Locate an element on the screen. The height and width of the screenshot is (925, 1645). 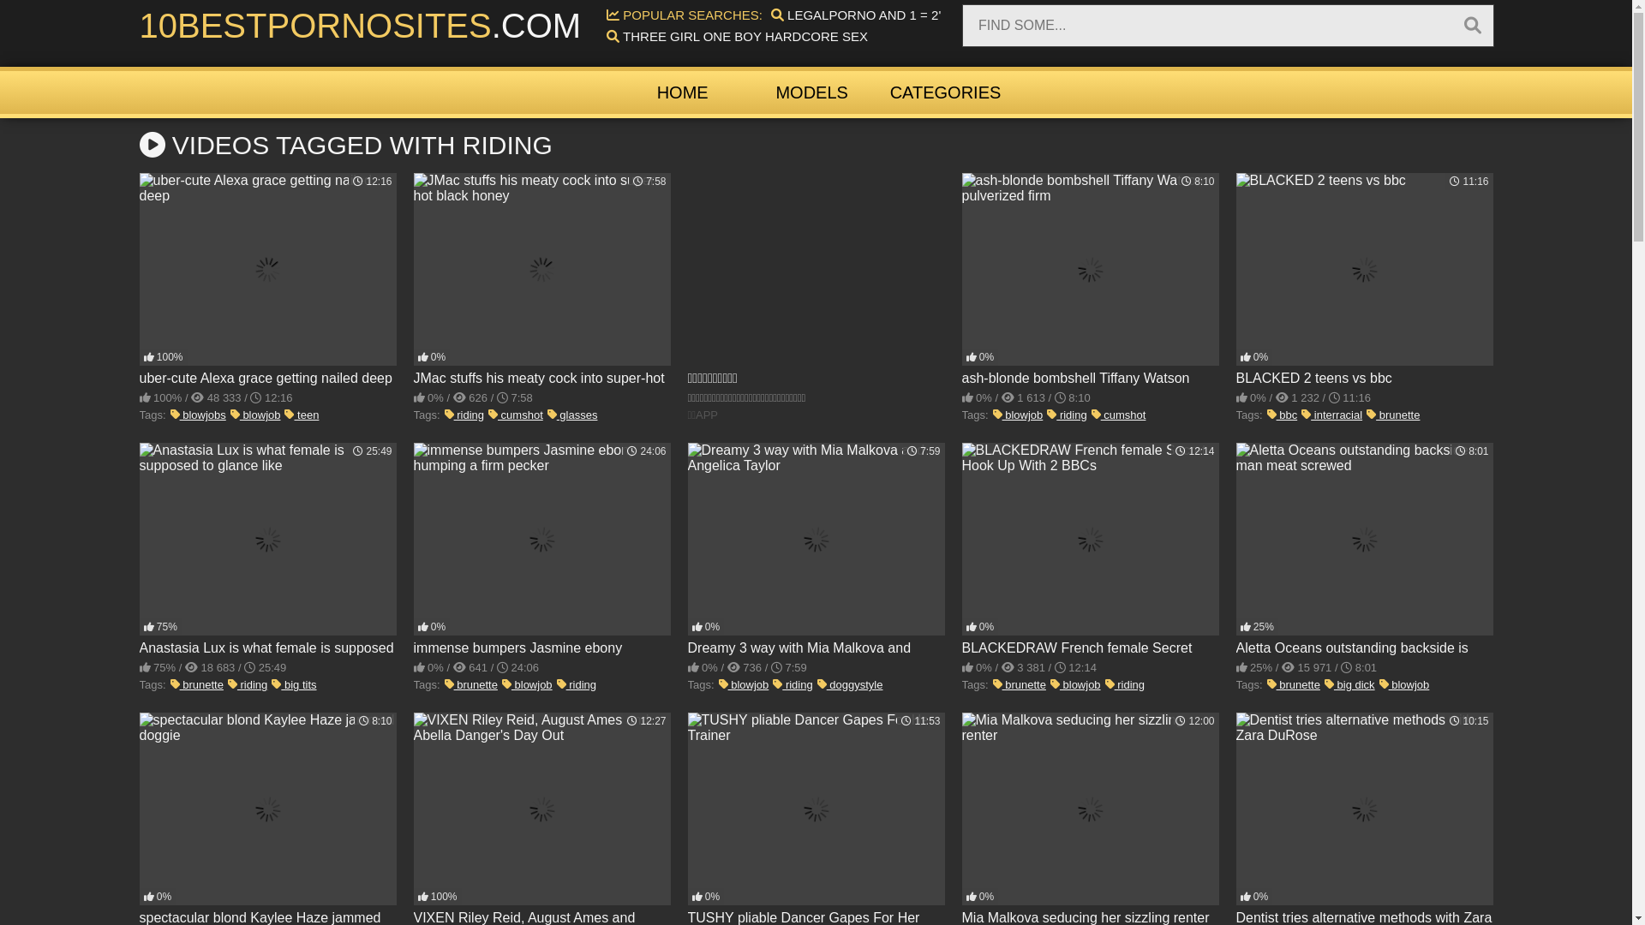
'riding' is located at coordinates (464, 415).